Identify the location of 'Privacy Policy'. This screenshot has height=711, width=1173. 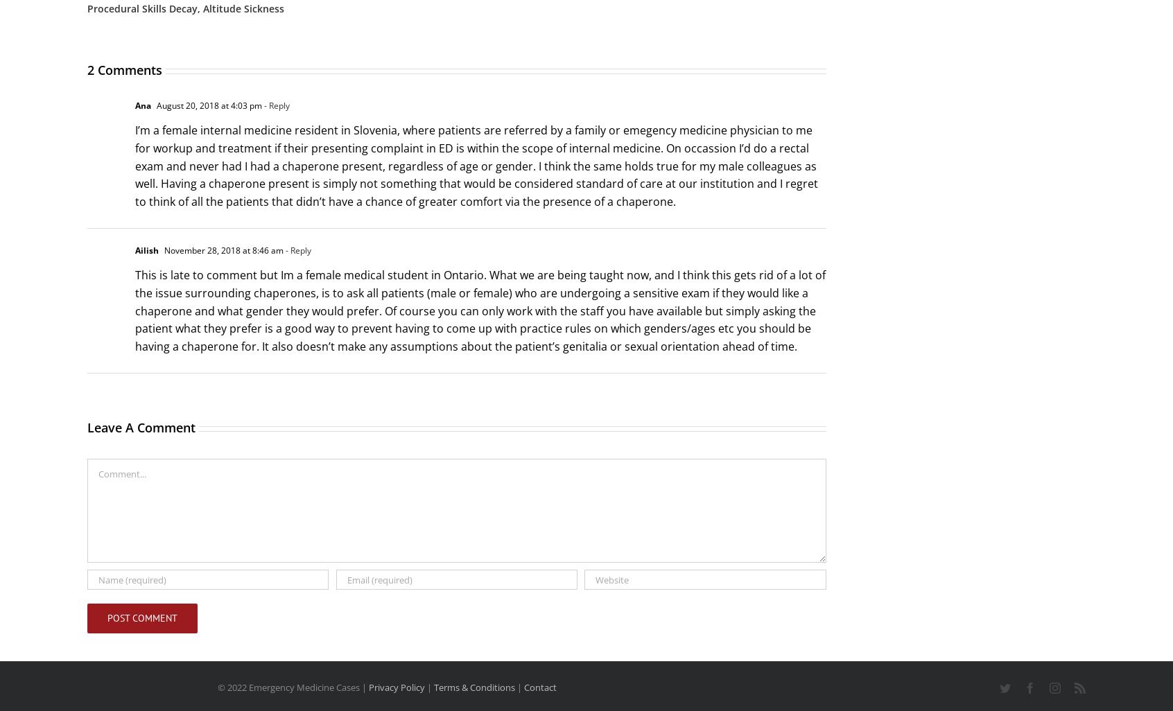
(367, 687).